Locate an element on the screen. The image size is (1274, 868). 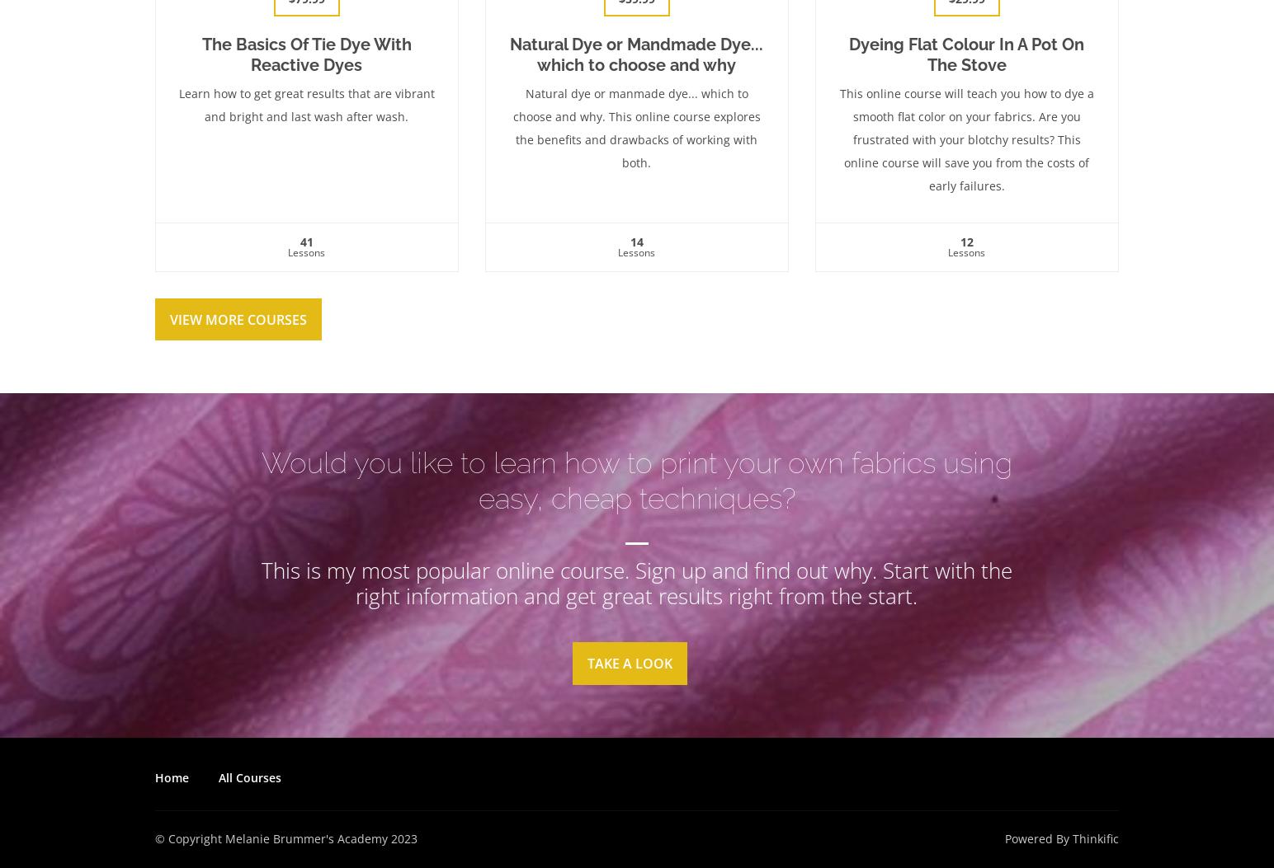
'Powered By Thinkific' is located at coordinates (1060, 837).